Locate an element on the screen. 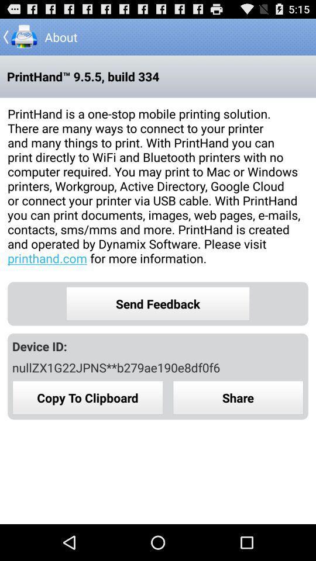 This screenshot has height=561, width=316. the app below the nullzx1g22jpns**b279ae190e8df0f6 item is located at coordinates (238, 397).